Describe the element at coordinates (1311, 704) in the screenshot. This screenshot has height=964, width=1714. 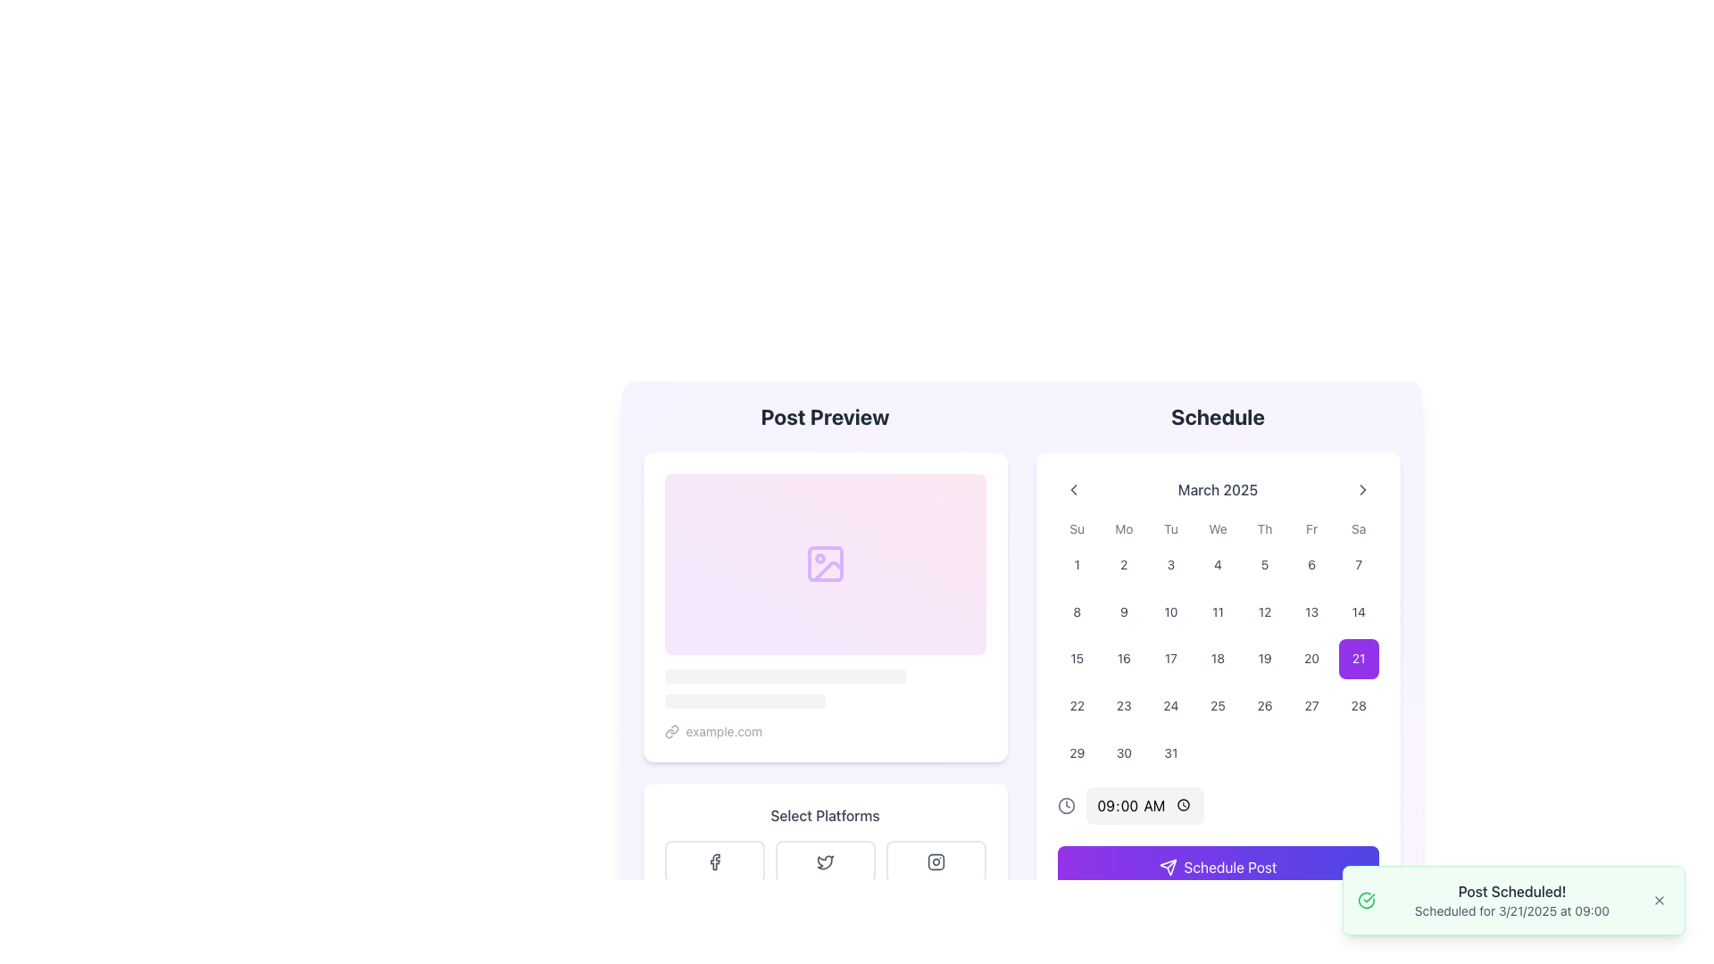
I see `the square button with rounded corners containing the number '27' in a smaller gray font` at that location.